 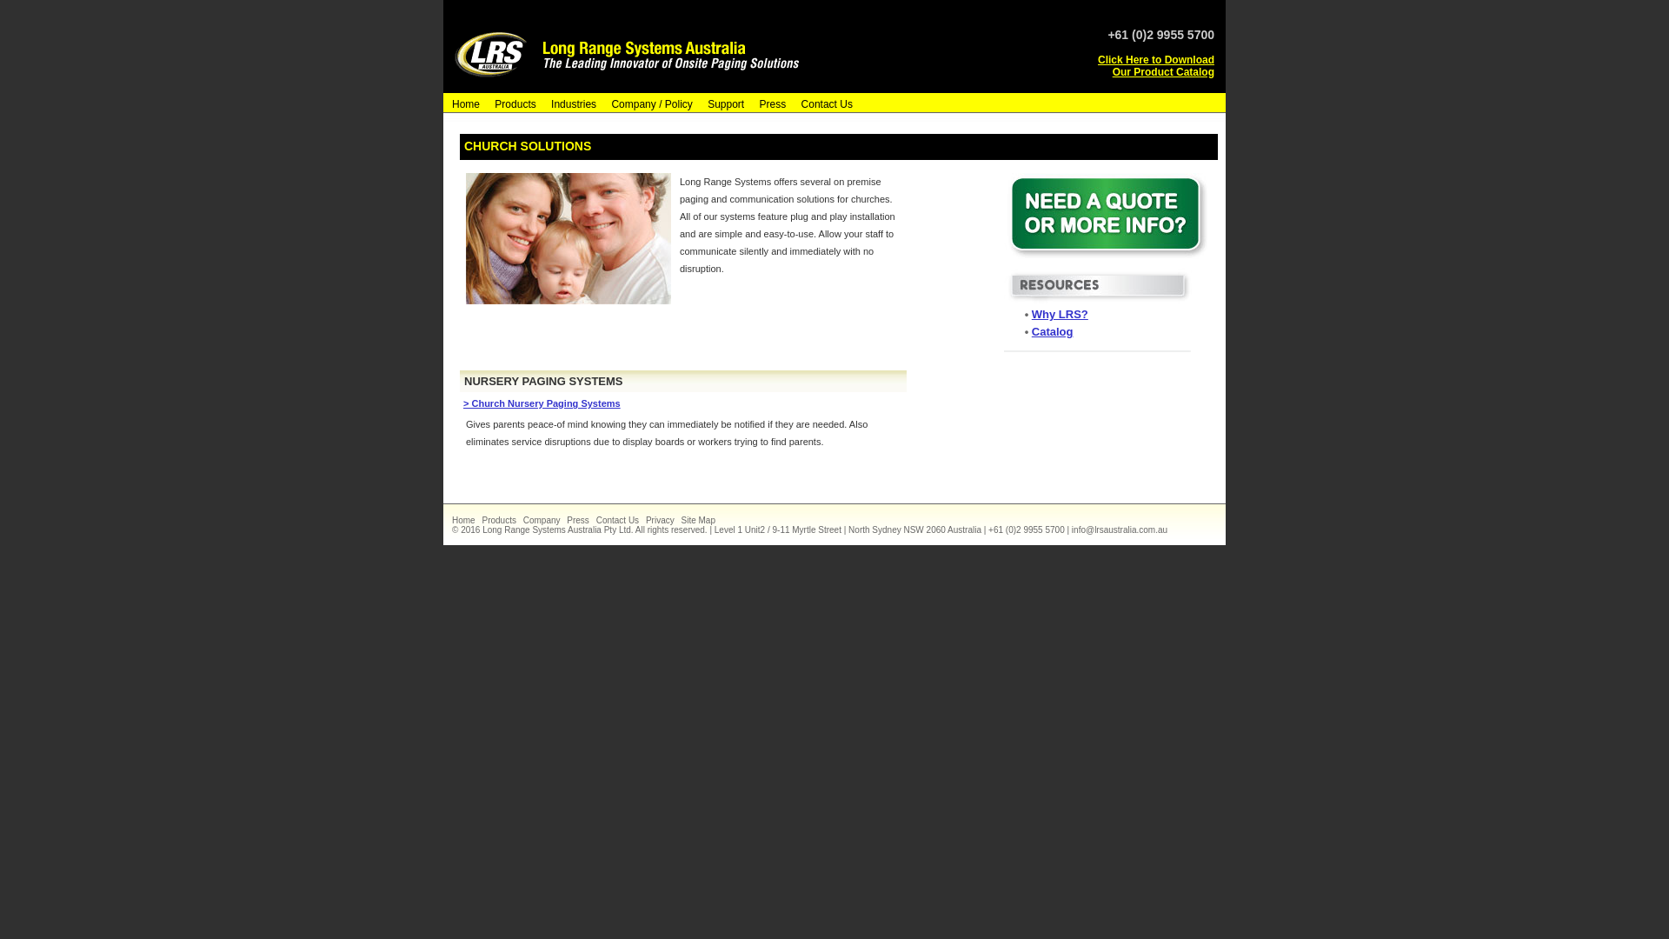 What do you see at coordinates (648, 103) in the screenshot?
I see `'Company / Policy'` at bounding box center [648, 103].